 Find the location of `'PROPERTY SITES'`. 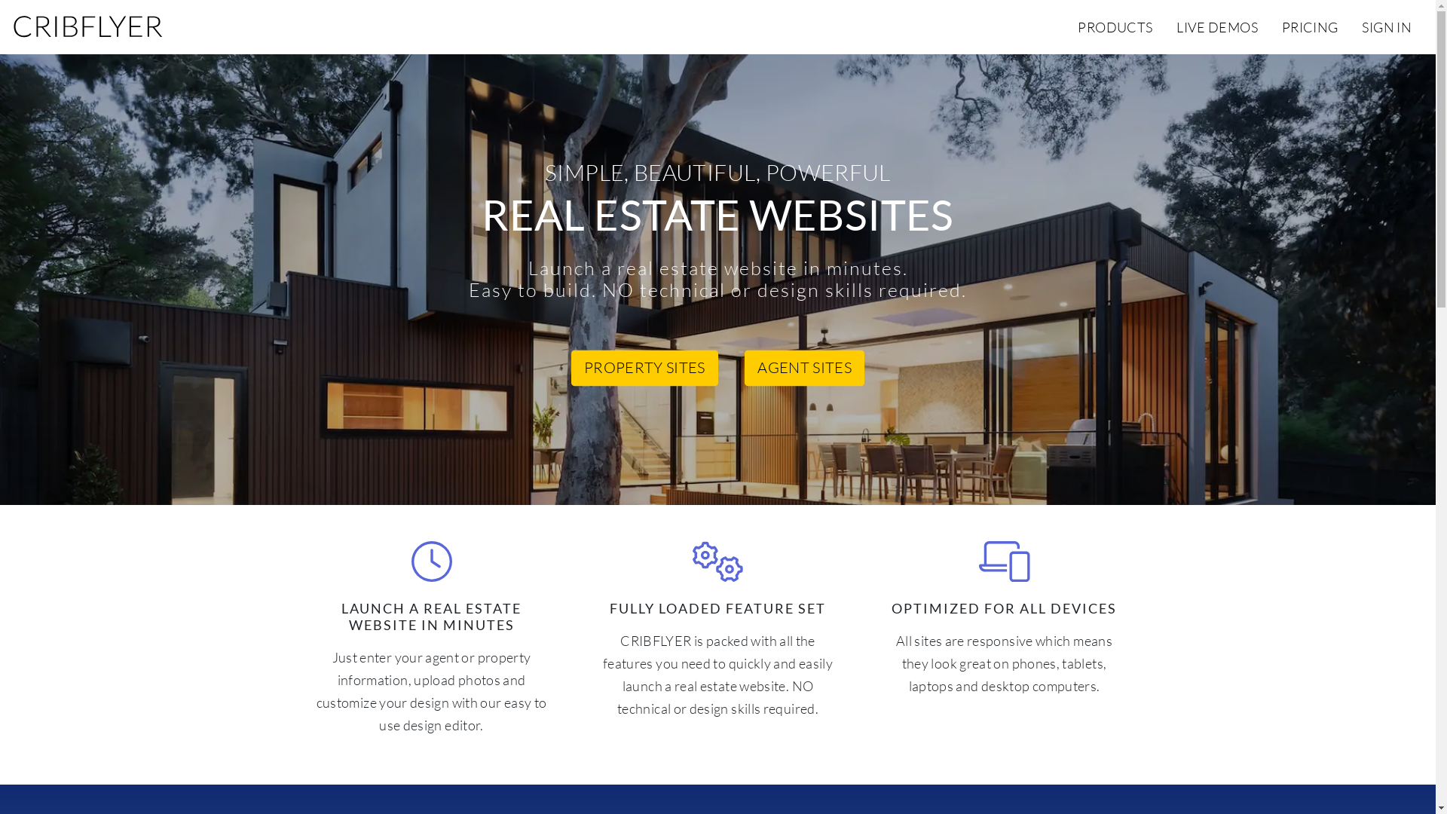

'PROPERTY SITES' is located at coordinates (644, 369).